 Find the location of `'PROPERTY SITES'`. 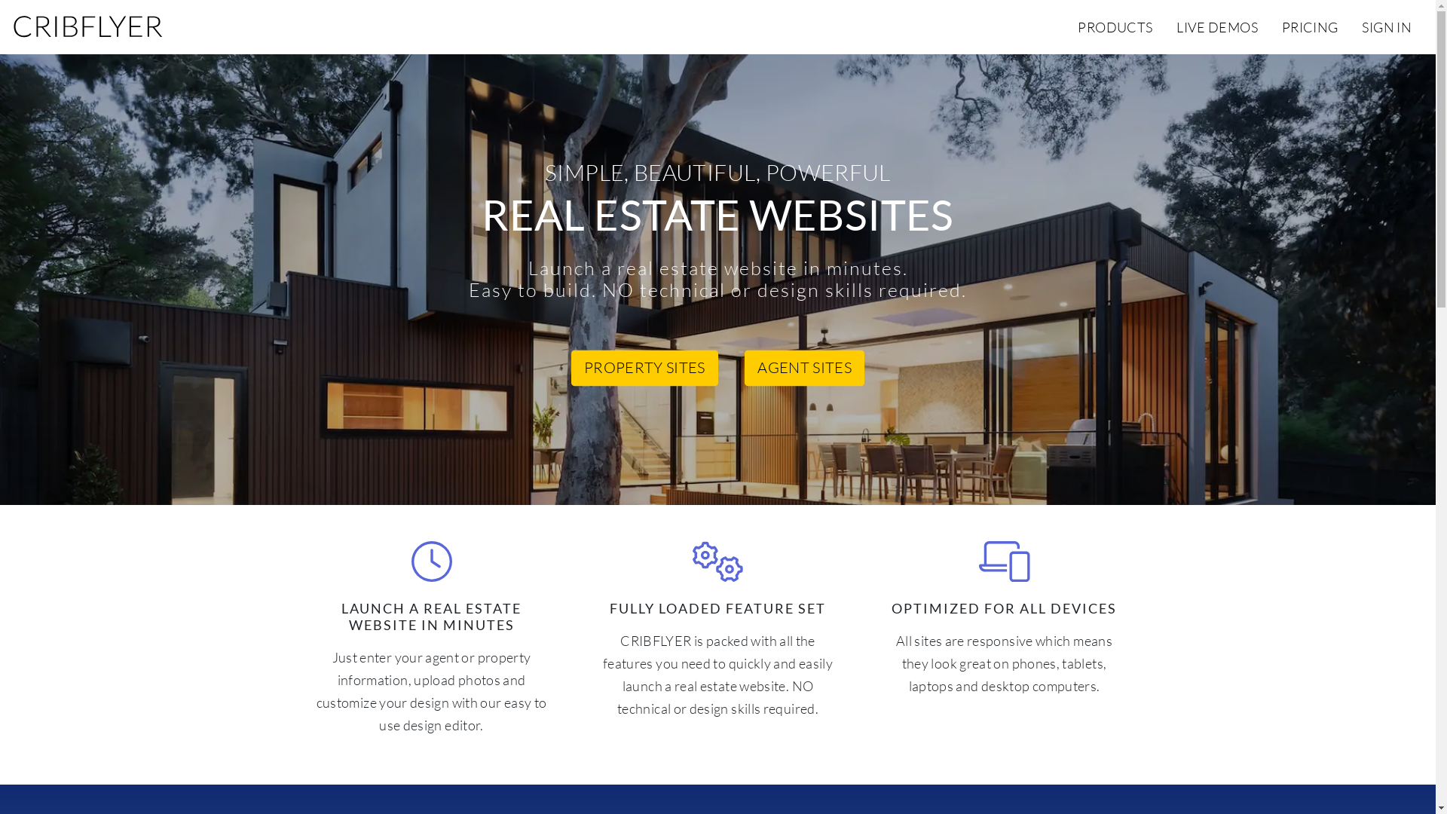

'PROPERTY SITES' is located at coordinates (644, 369).